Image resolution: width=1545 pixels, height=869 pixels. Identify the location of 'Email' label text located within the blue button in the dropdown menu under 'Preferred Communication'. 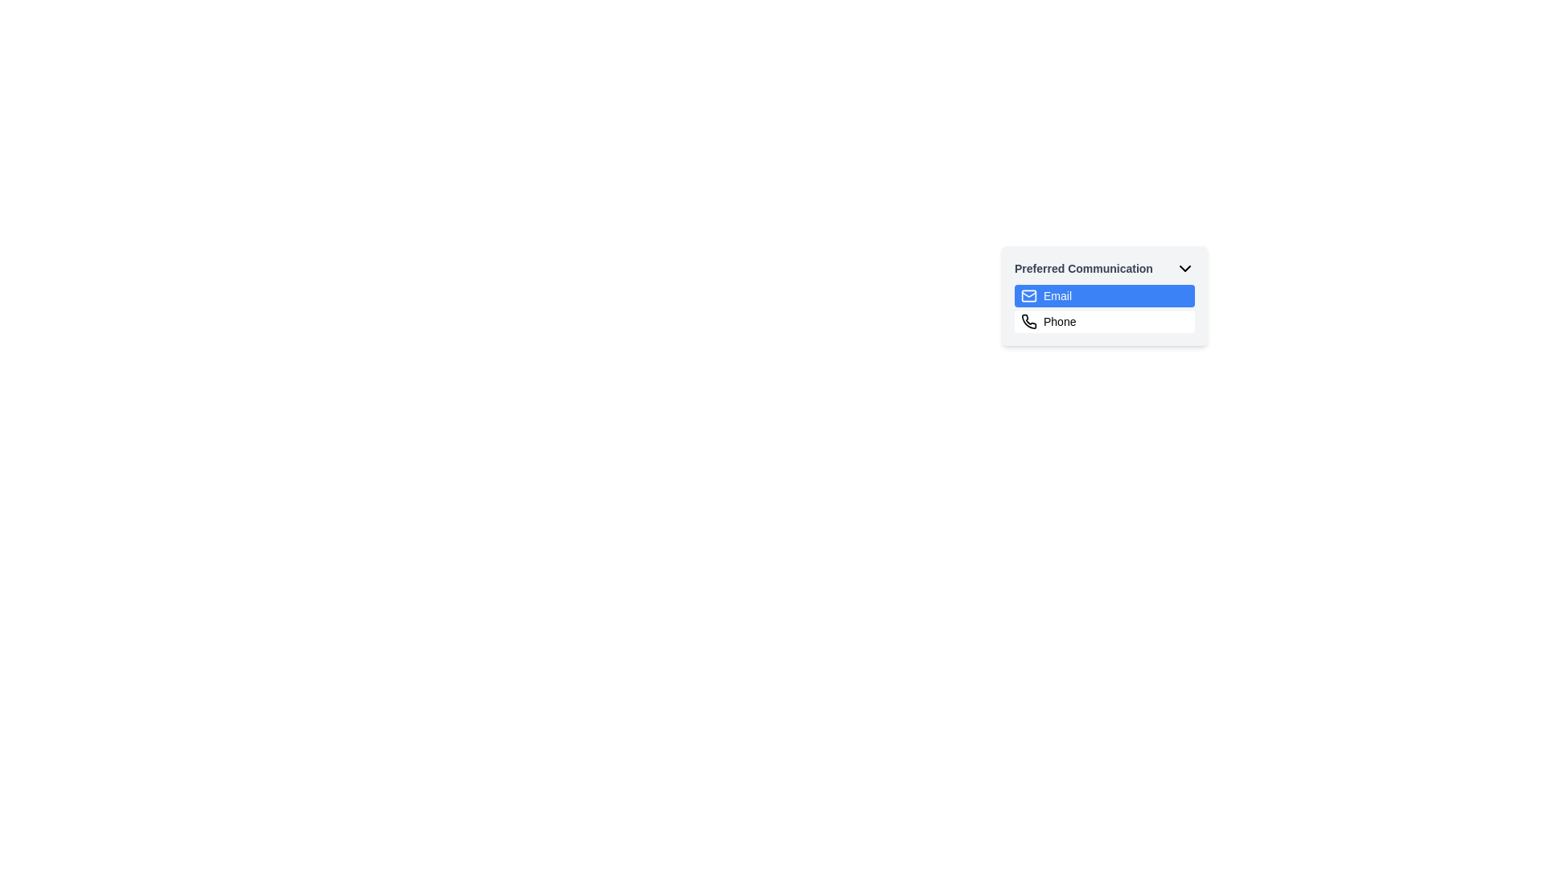
(1057, 295).